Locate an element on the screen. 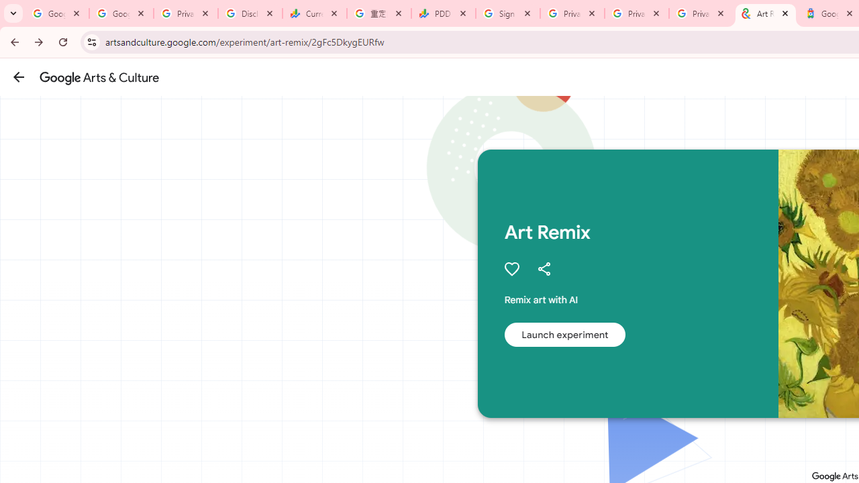  'Privacy Checkup' is located at coordinates (701, 13).